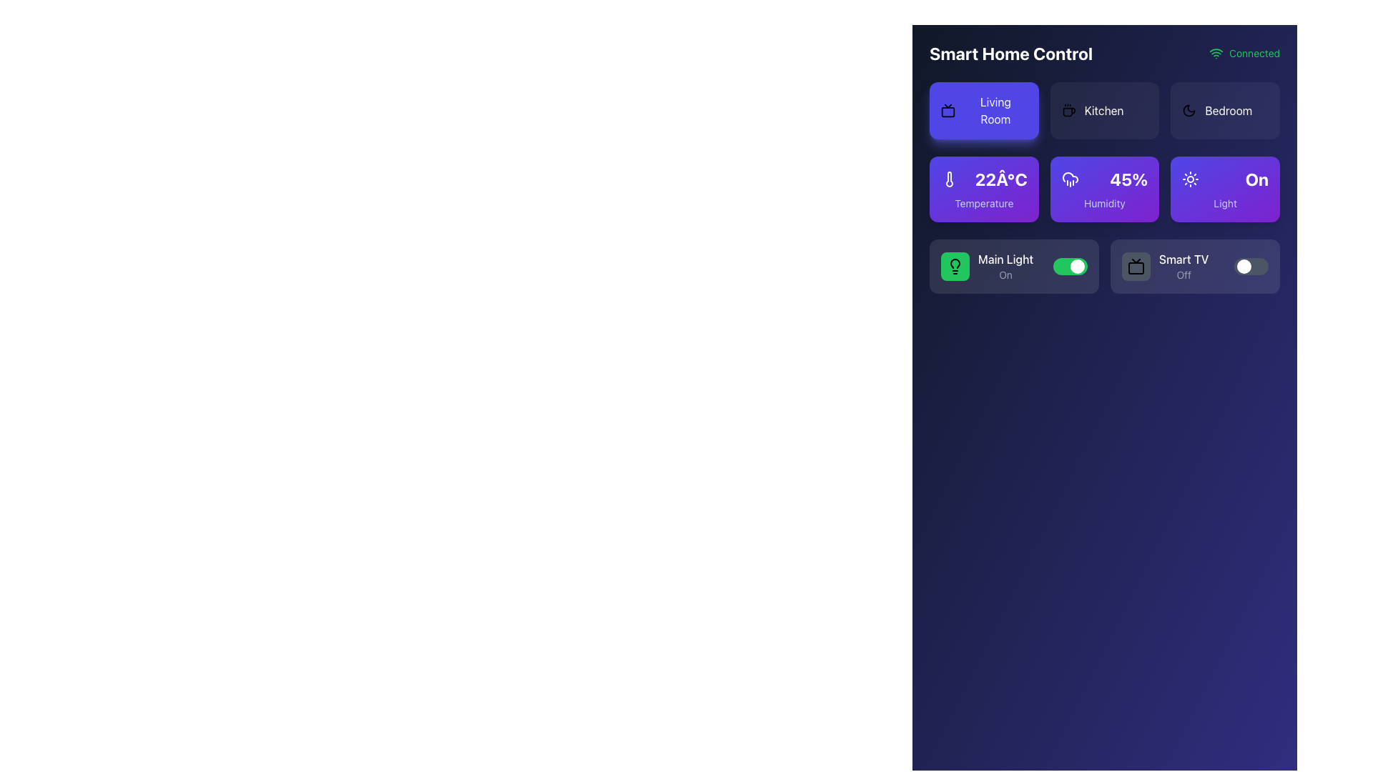 The image size is (1373, 772). Describe the element at coordinates (1104, 189) in the screenshot. I see `the Informational display card featuring a gradient background from indigo to purple, displaying '45%' in bold white font and 'Humidity' below it` at that location.